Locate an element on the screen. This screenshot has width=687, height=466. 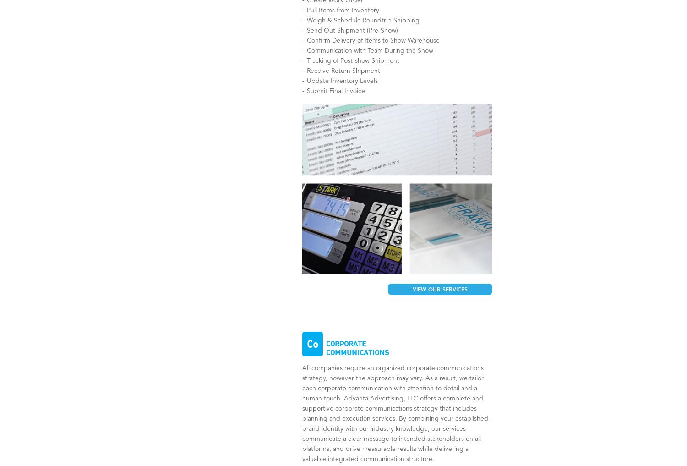
'Send Out Shipment (Pre-Show)' is located at coordinates (352, 31).